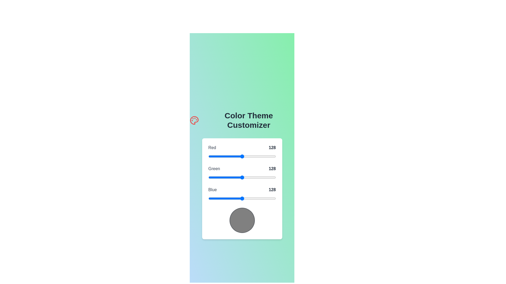  I want to click on the green slider to 247, so click(274, 177).